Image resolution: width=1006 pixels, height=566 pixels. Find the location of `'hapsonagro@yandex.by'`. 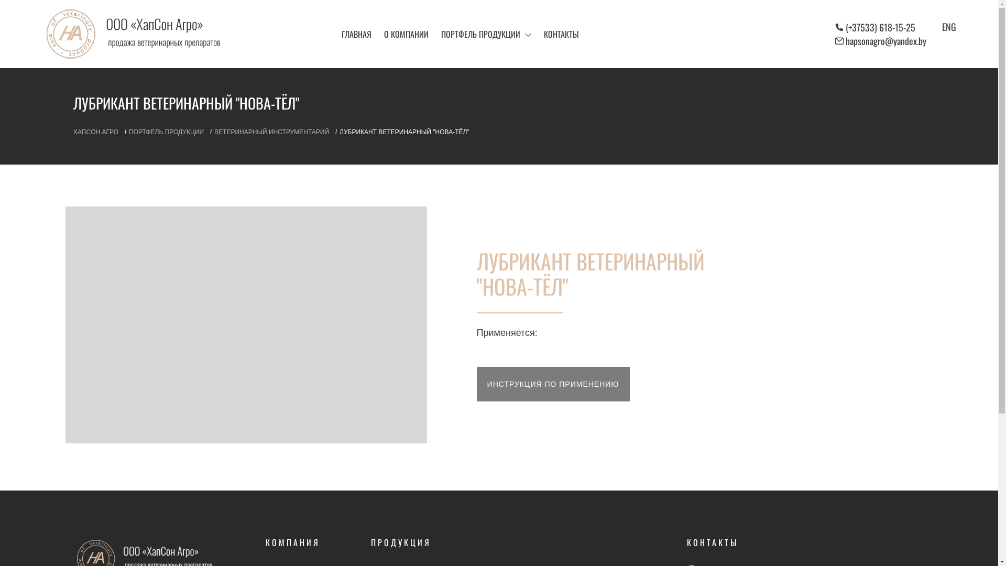

'hapsonagro@yandex.by' is located at coordinates (885, 40).